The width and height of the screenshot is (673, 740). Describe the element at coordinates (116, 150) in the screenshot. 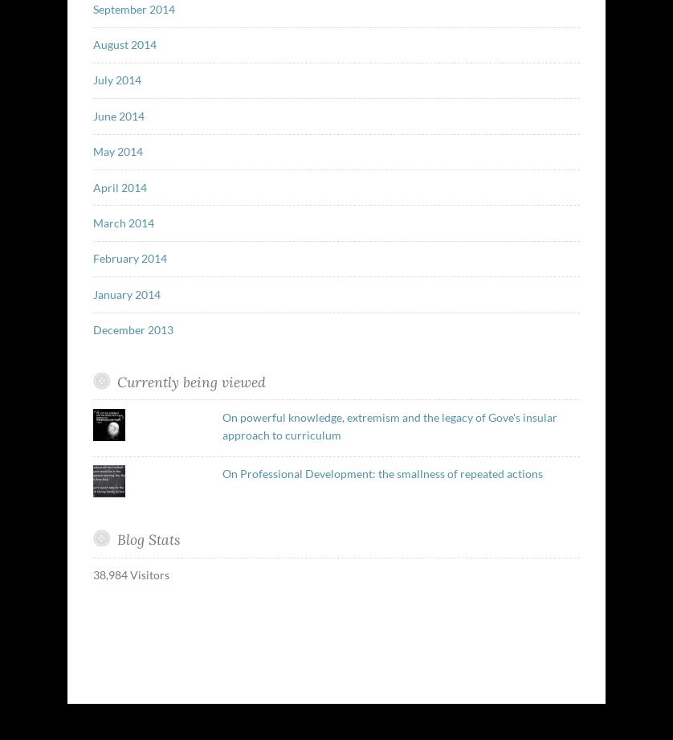

I see `'May 2014'` at that location.